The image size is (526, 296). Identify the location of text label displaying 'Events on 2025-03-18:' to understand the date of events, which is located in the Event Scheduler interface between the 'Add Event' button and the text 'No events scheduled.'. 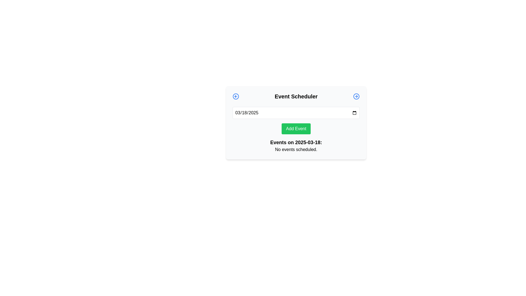
(296, 142).